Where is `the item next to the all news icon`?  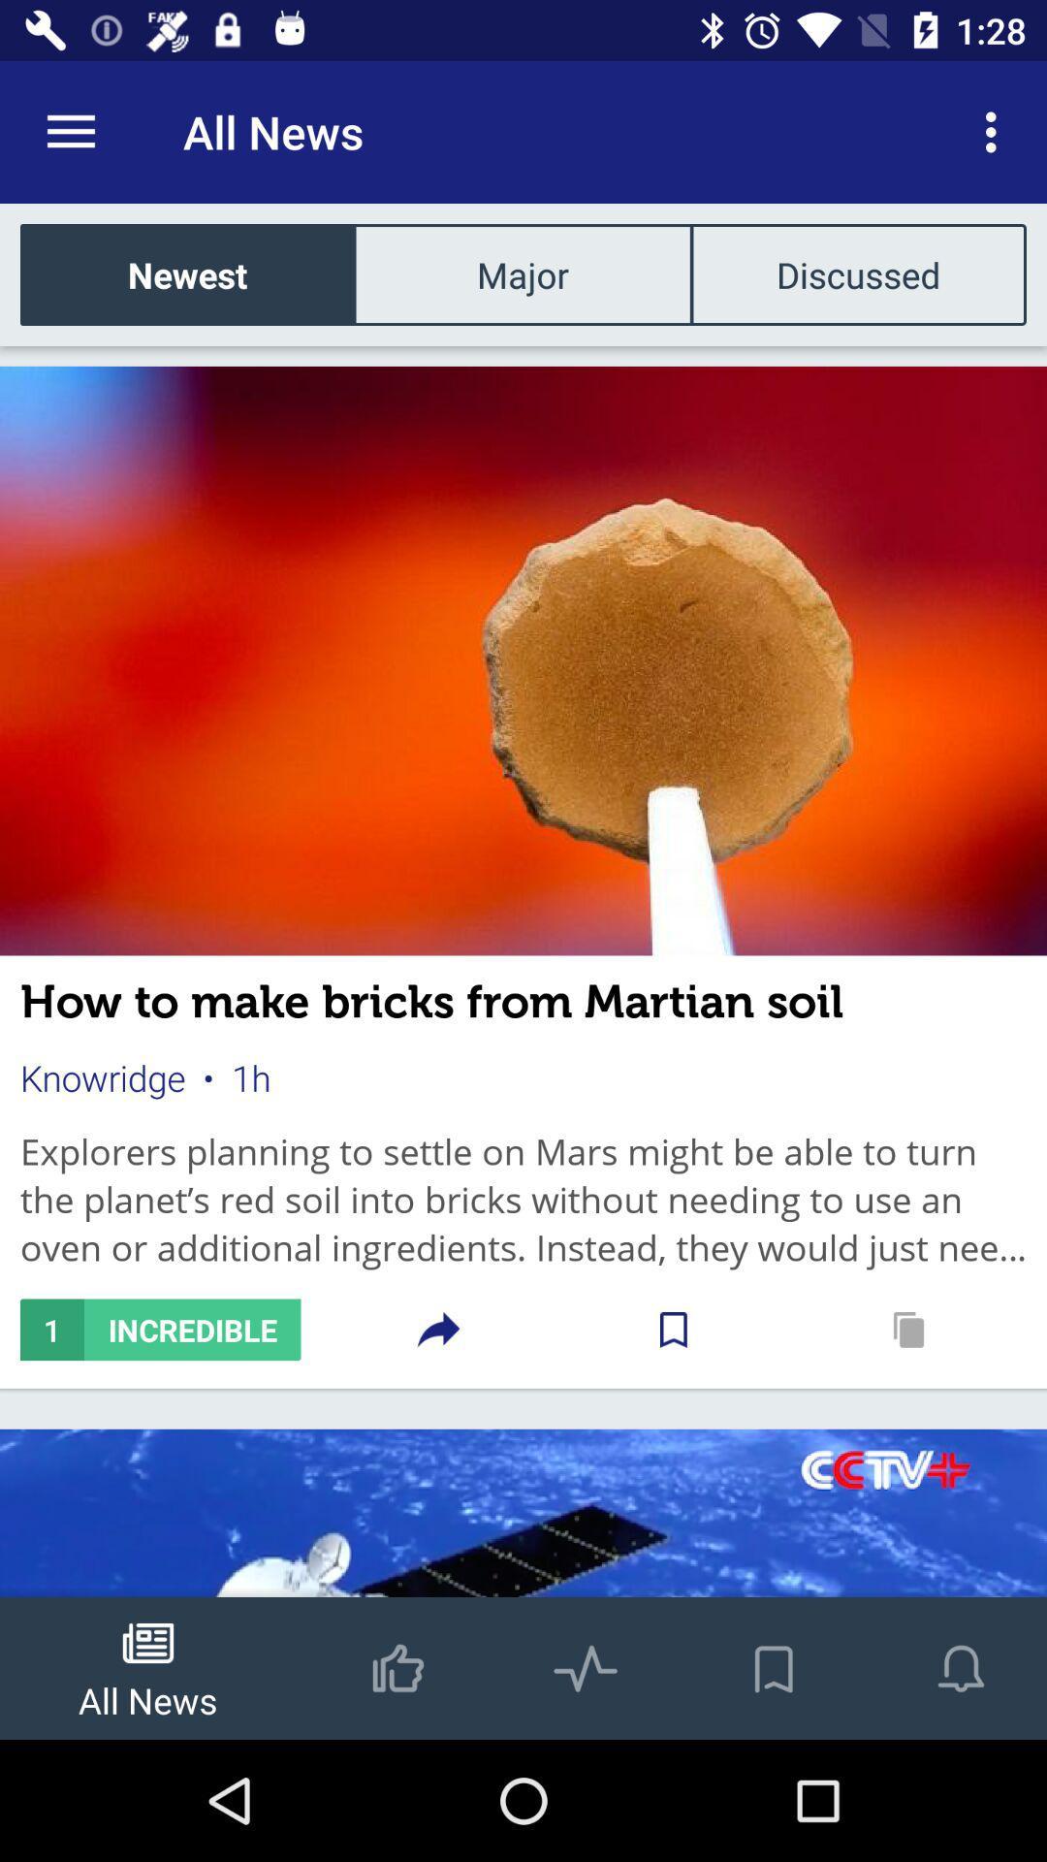
the item next to the all news icon is located at coordinates (70, 131).